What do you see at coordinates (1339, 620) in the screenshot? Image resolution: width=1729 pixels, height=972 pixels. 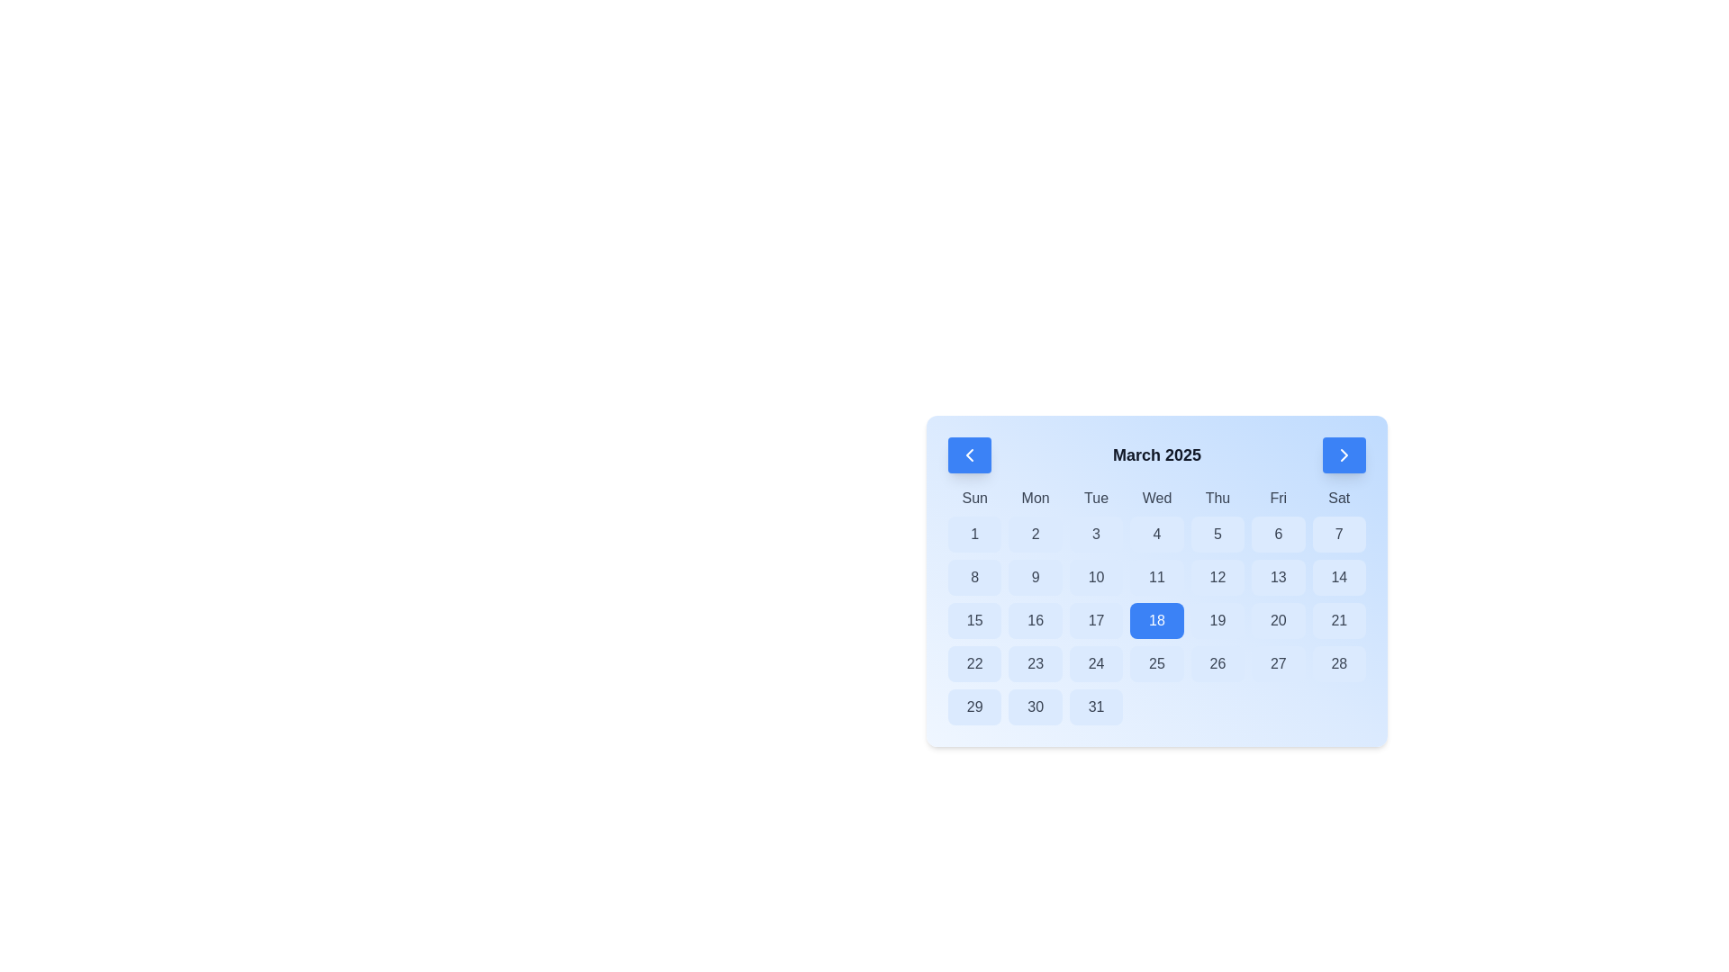 I see `the calendar button representing March 21, 2025, located` at bounding box center [1339, 620].